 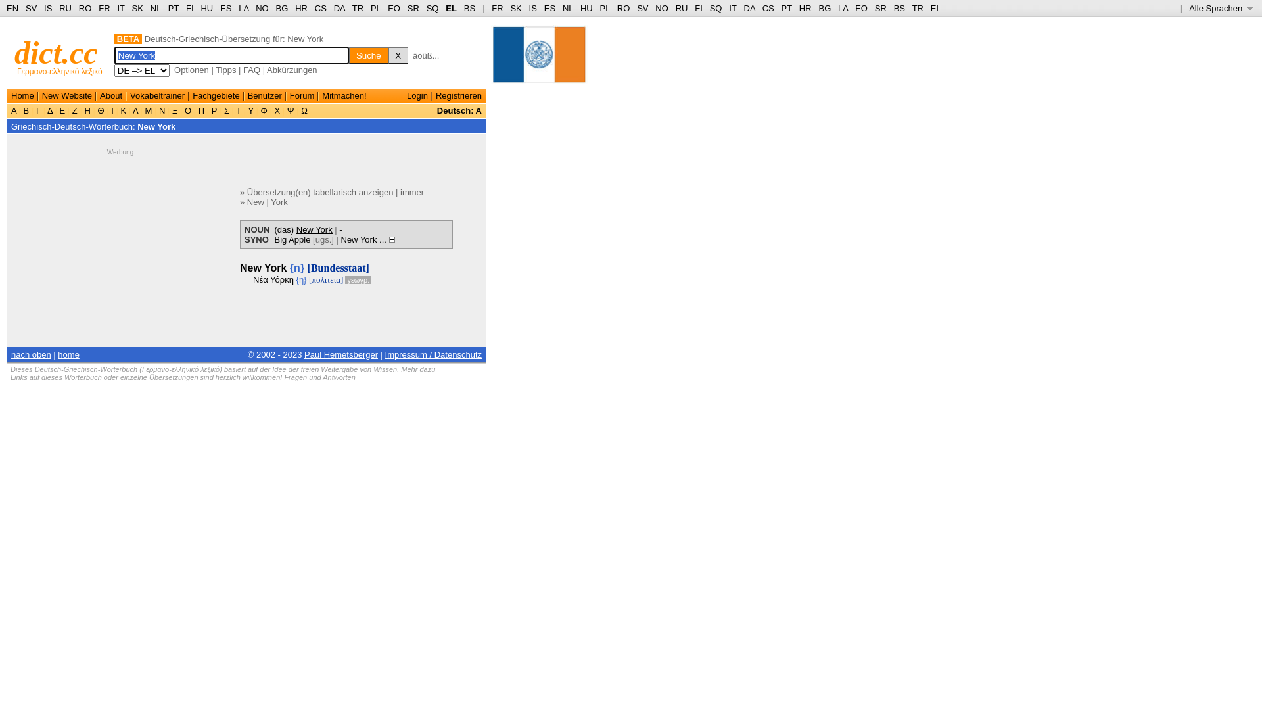 What do you see at coordinates (412, 8) in the screenshot?
I see `'SR'` at bounding box center [412, 8].